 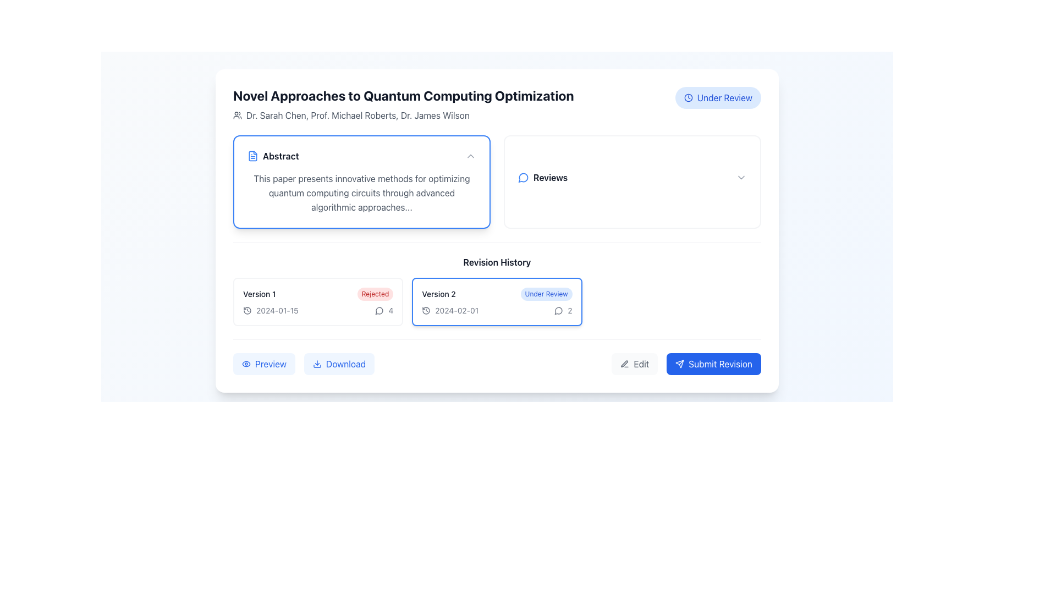 I want to click on the icon-based toggle switch located to the right of the 'Abstract' label, so click(x=470, y=156).